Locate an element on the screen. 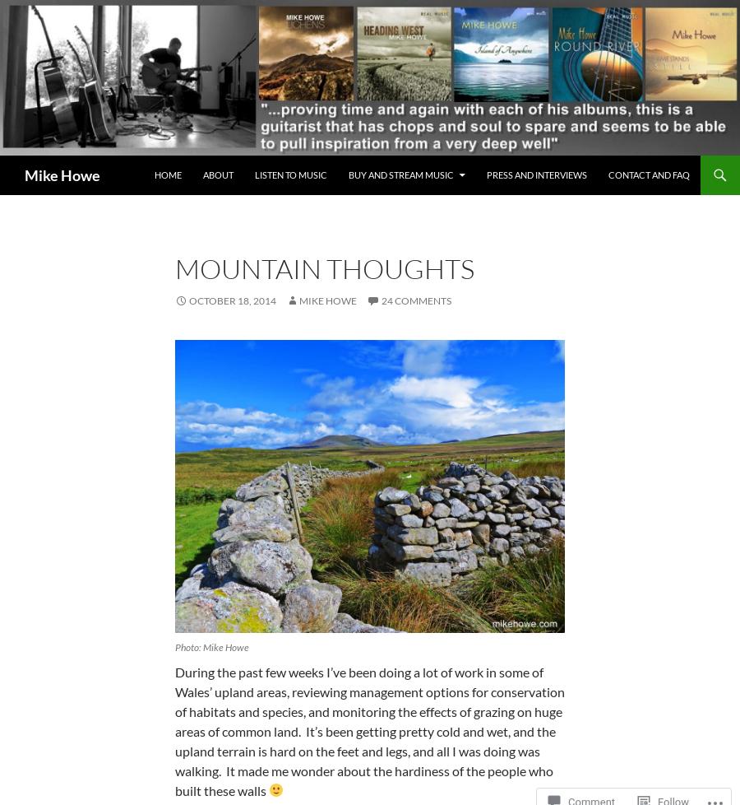  'During the past few weeks I’ve been doing a lot of work in some of Wales’ upland areas, reviewing management options for conservation of habitats and species, and monitoring the effects of grazing on huge areas of common land.  It’s been getting pretty cold and wet, and the upland terrain is hard on the feet and legs, and all I was doing was walking.  It made me wonder about the hardiness of the people who built these walls' is located at coordinates (370, 729).